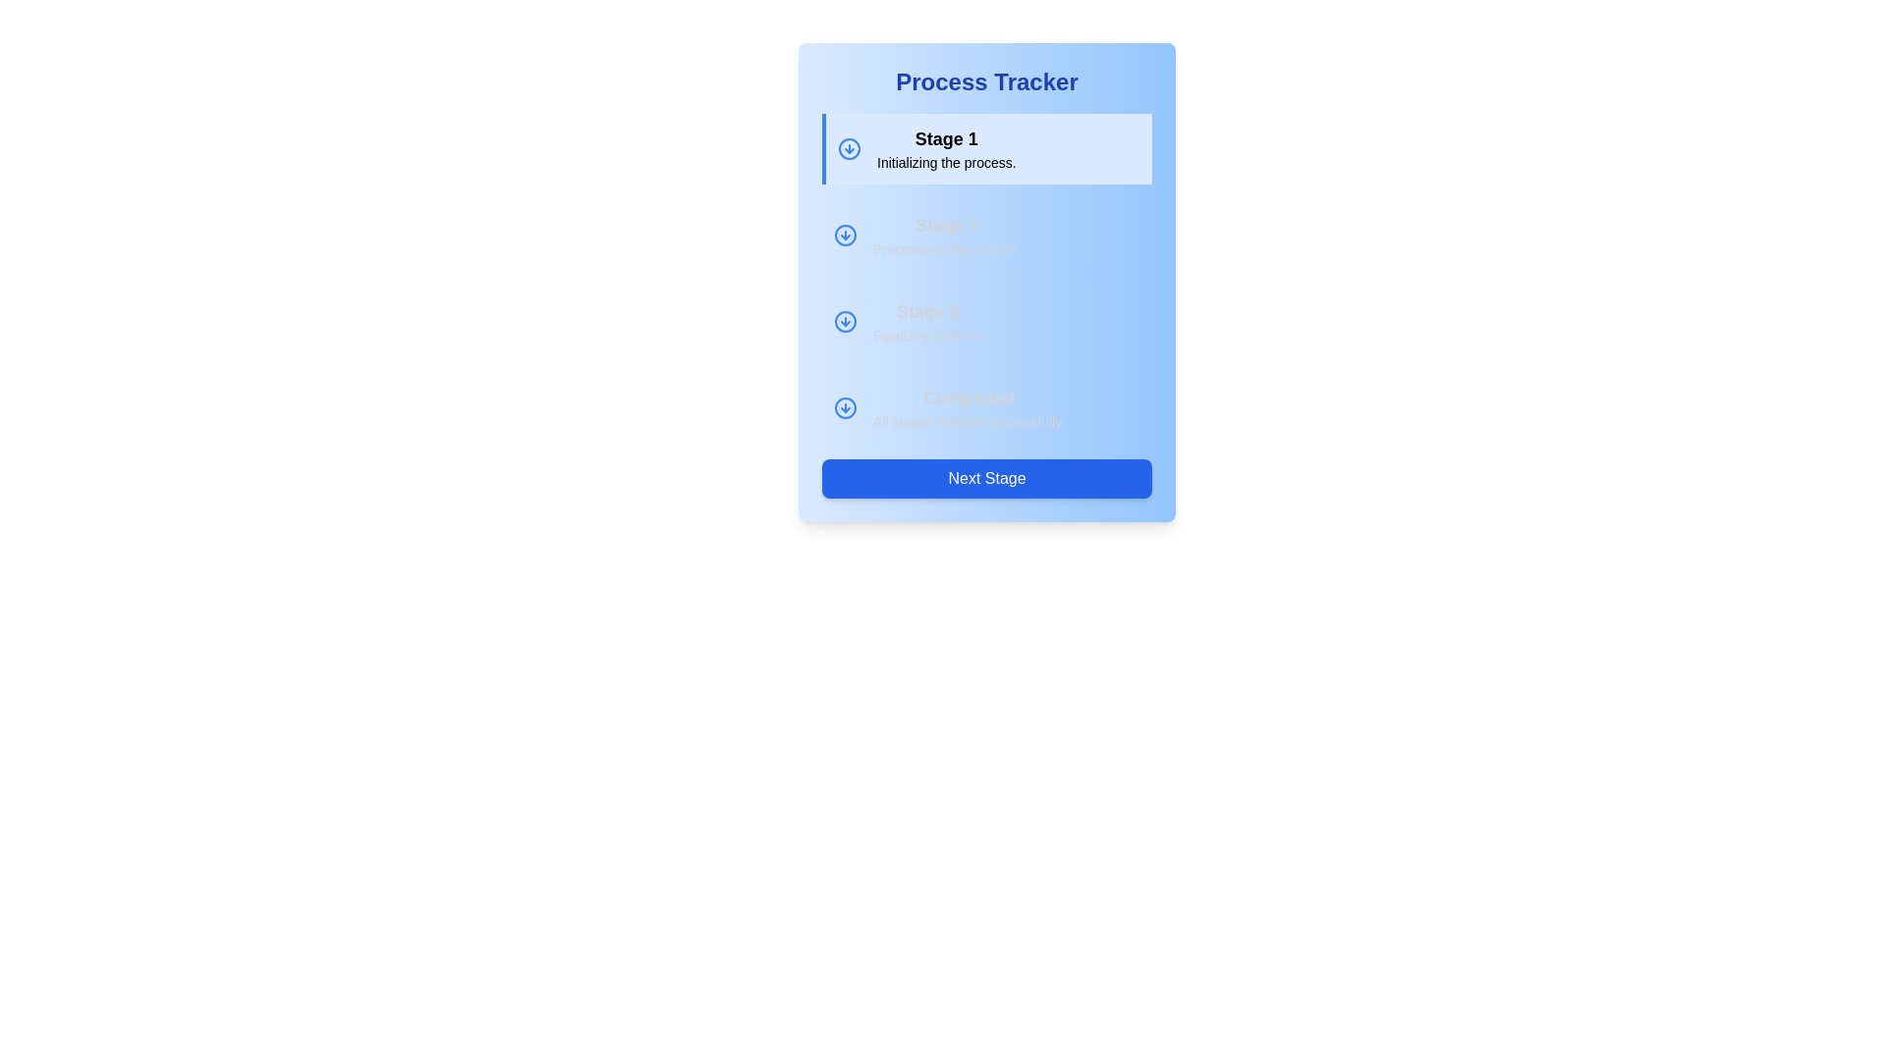 The width and height of the screenshot is (1886, 1060). What do you see at coordinates (845, 320) in the screenshot?
I see `keyboard navigation` at bounding box center [845, 320].